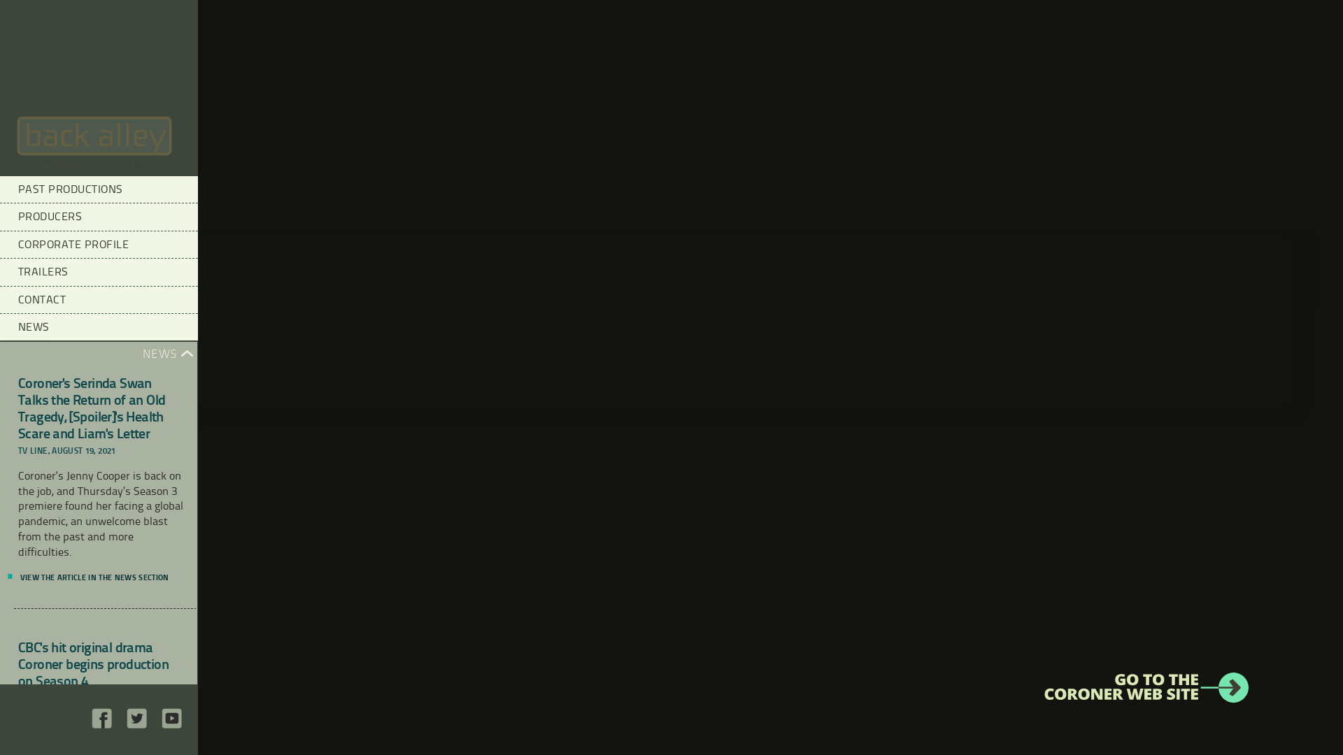  Describe the element at coordinates (0, 299) in the screenshot. I see `'CONTACT'` at that location.